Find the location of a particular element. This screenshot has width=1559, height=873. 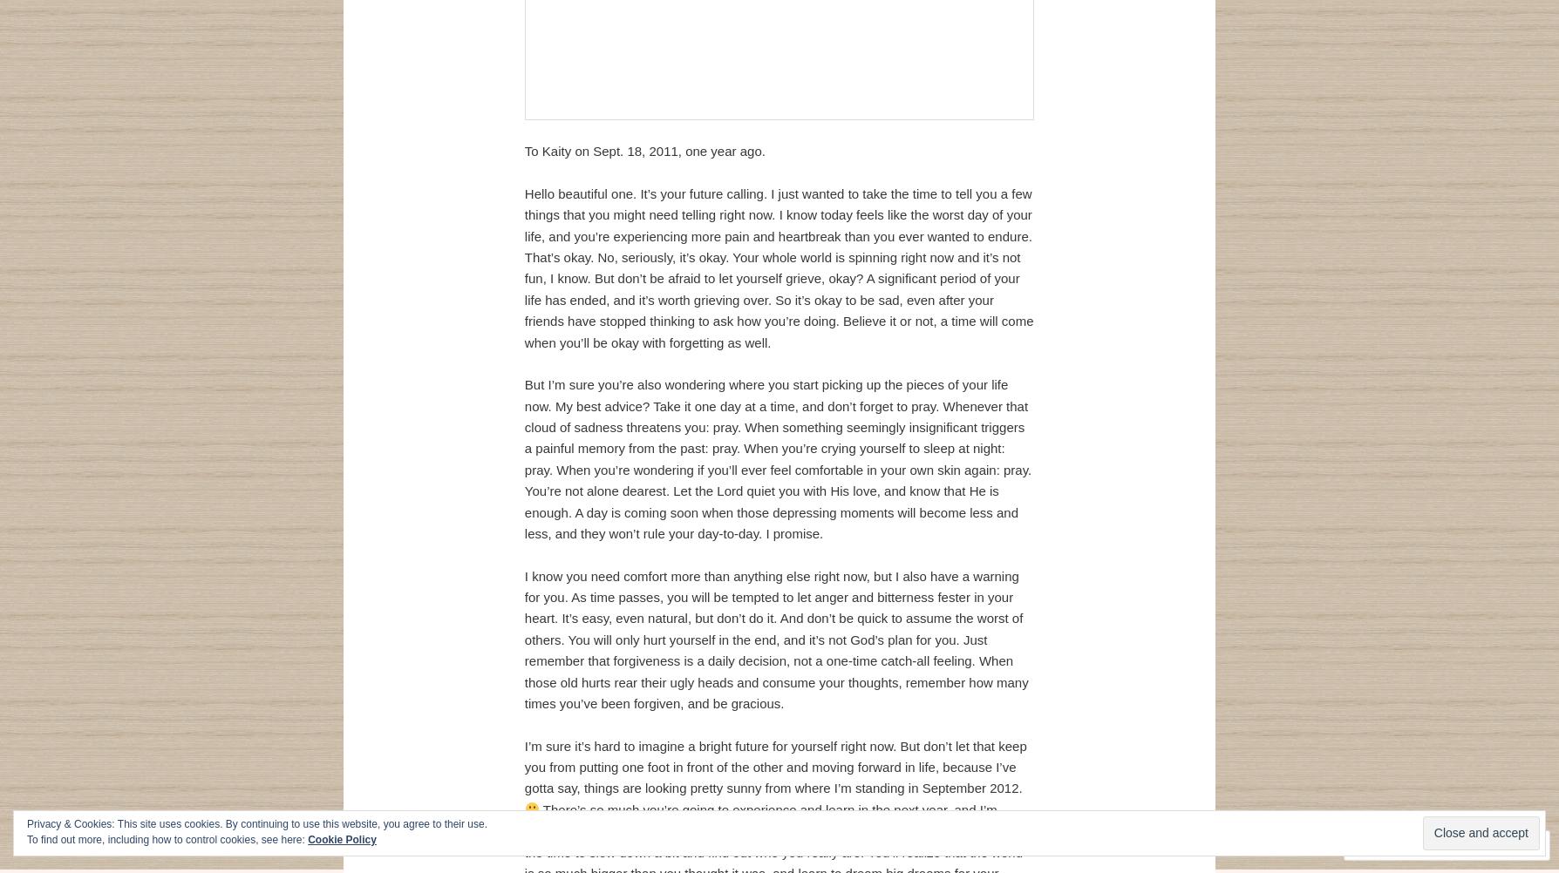

'Privacy & Cookies: This site uses cookies. By continuing to use this website, you agree to their use.' is located at coordinates (256, 822).